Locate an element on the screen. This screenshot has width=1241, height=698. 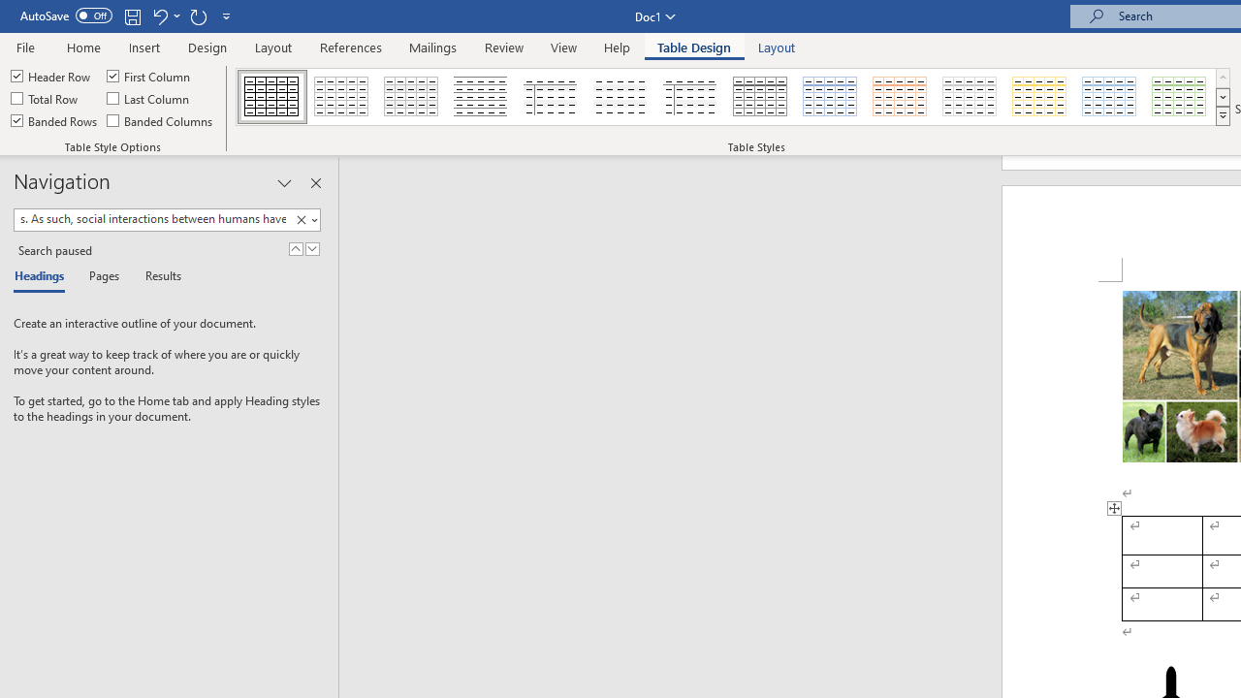
'Previous Result' is located at coordinates (295, 248).